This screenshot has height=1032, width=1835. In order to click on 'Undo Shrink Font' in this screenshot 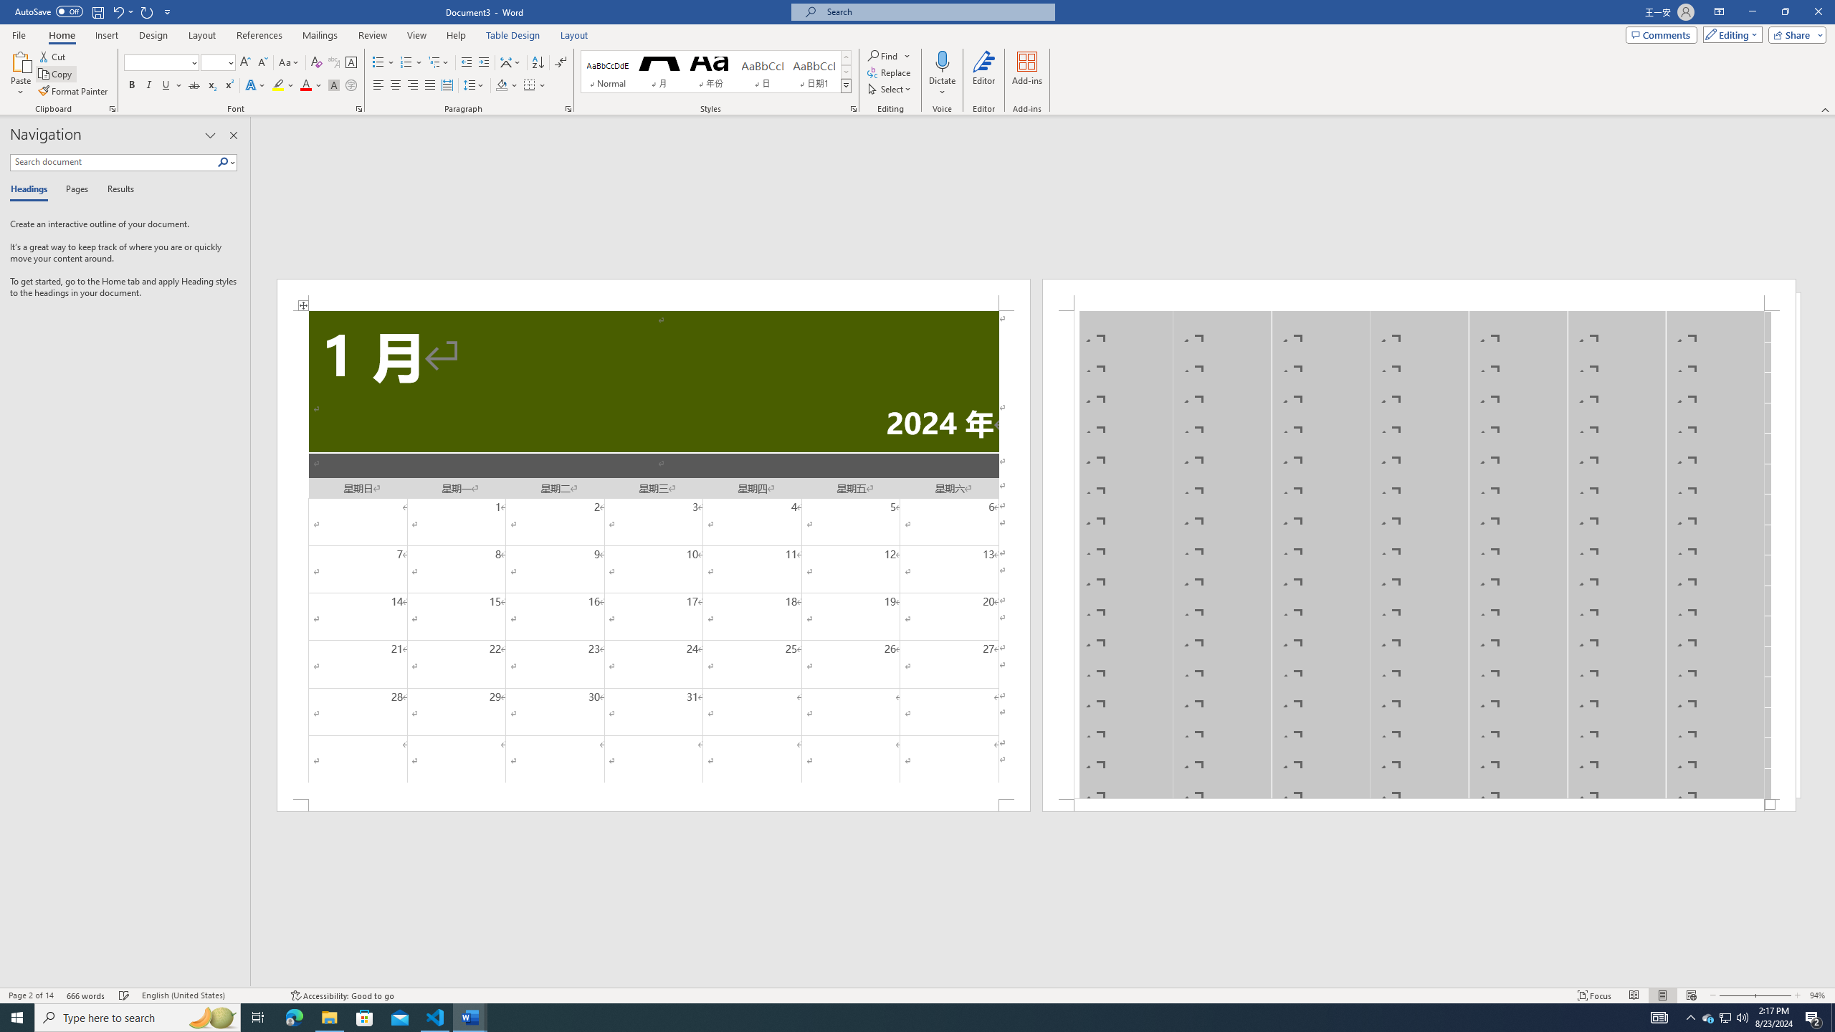, I will do `click(117, 11)`.